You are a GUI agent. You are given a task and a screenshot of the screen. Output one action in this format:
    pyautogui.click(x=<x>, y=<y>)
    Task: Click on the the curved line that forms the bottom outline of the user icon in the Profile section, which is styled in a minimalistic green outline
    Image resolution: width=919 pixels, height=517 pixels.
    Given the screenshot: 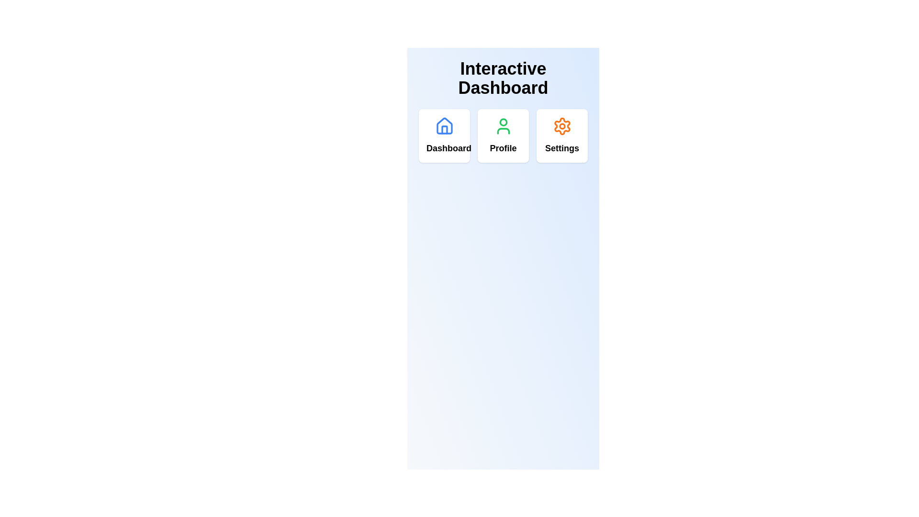 What is the action you would take?
    pyautogui.click(x=503, y=131)
    